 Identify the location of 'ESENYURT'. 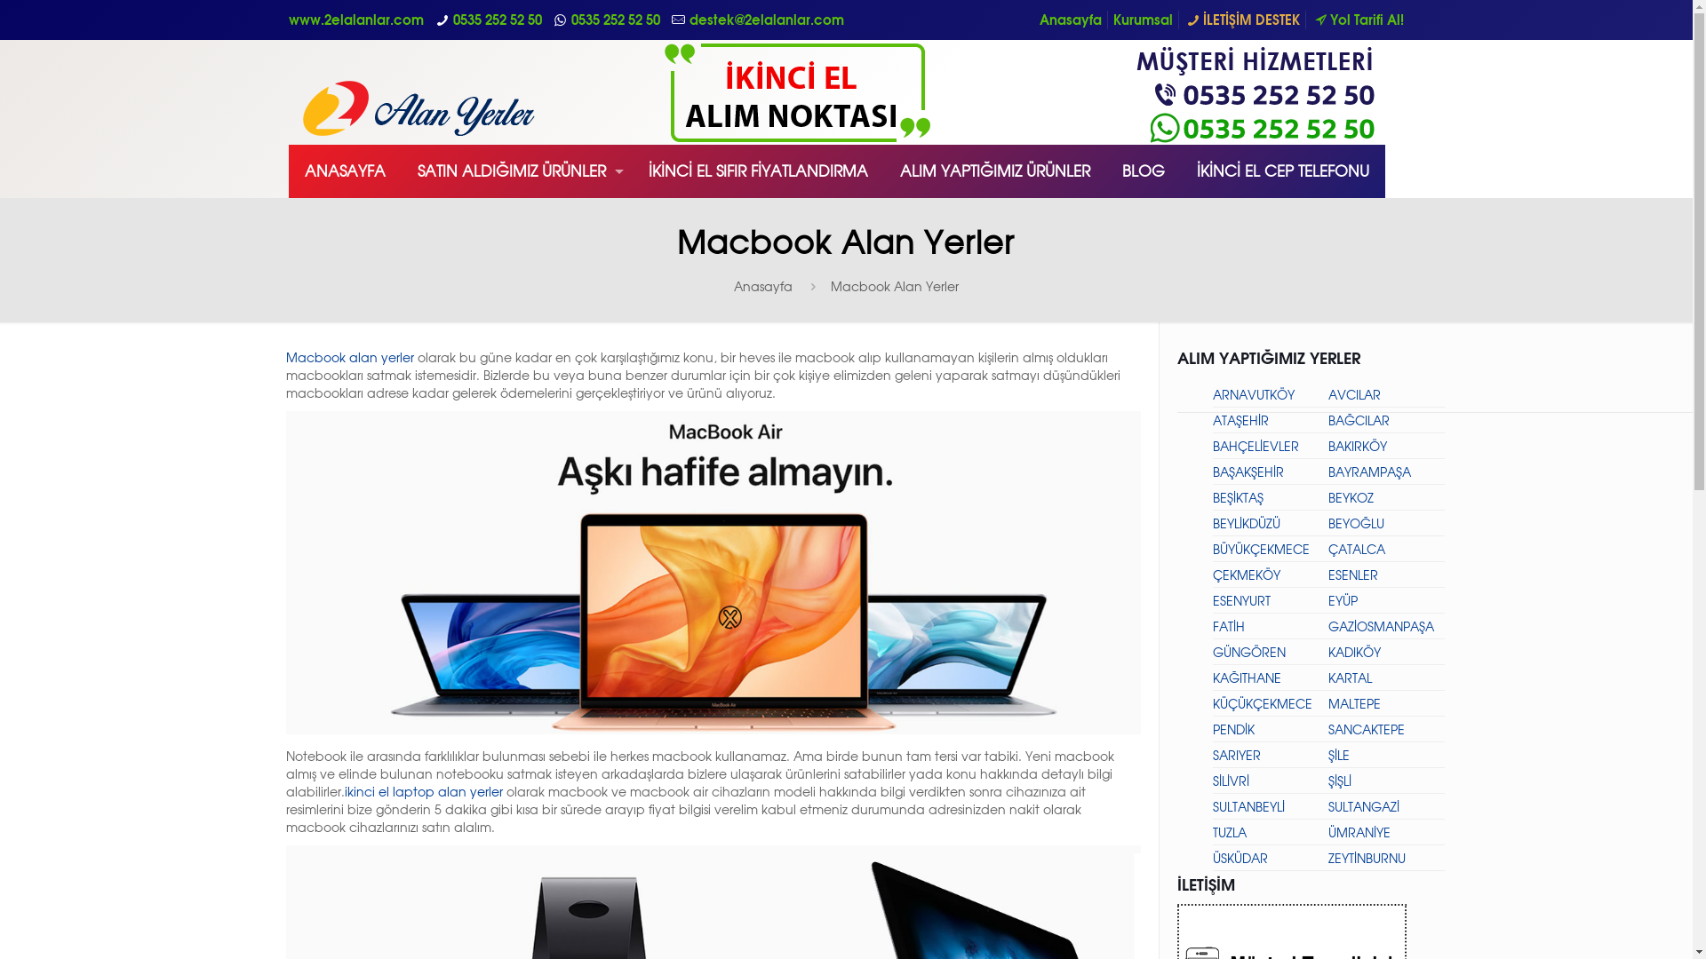
(1240, 599).